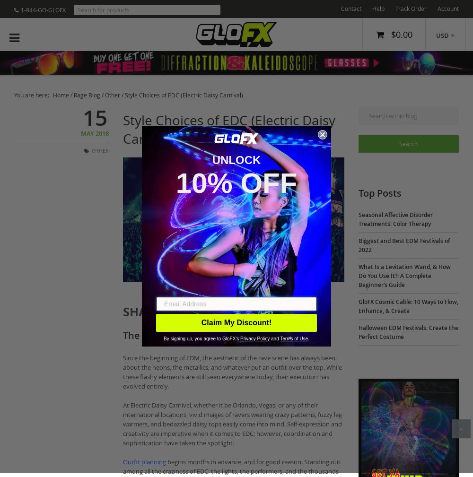 This screenshot has width=473, height=477. I want to click on 'Halloween EDM Festivals: Create the Perfect Costume', so click(358, 332).